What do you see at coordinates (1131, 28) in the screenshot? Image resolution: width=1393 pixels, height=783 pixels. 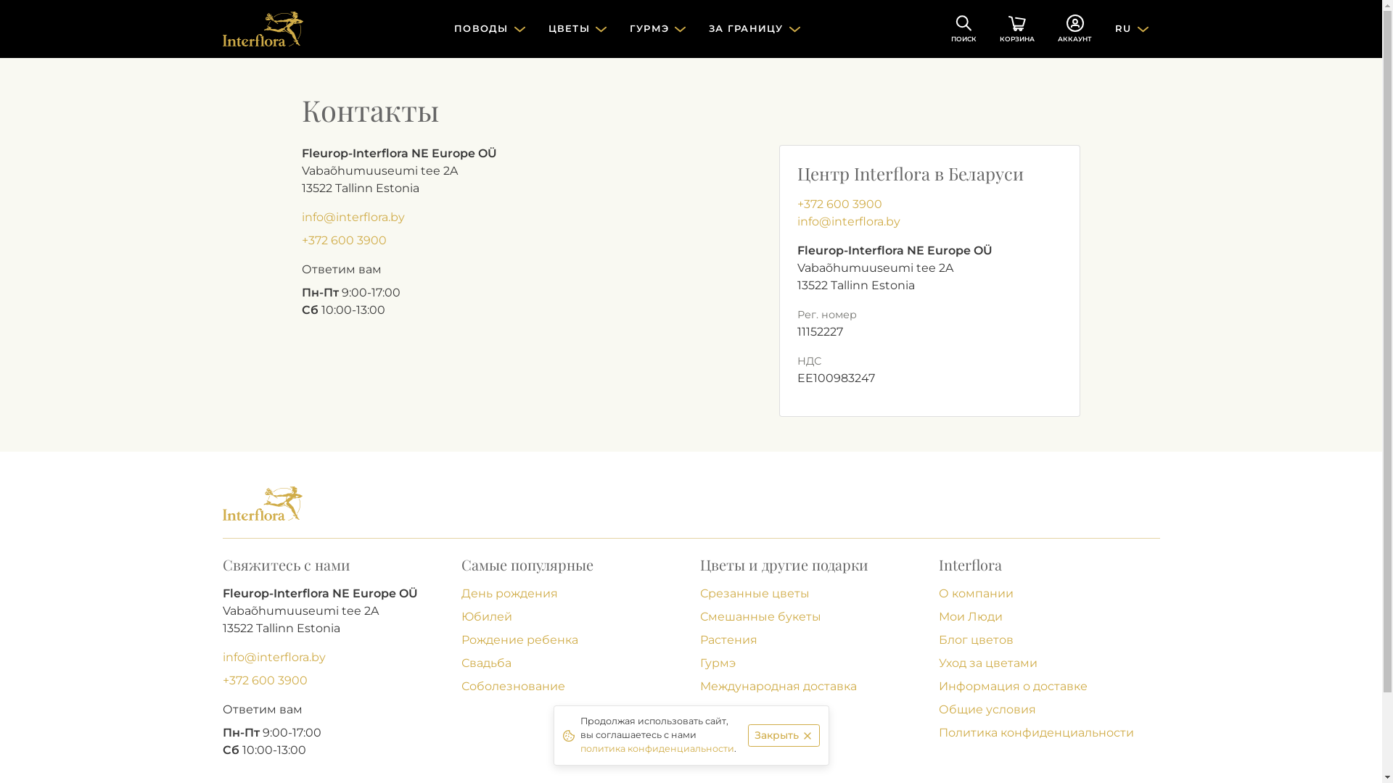 I see `'RU'` at bounding box center [1131, 28].